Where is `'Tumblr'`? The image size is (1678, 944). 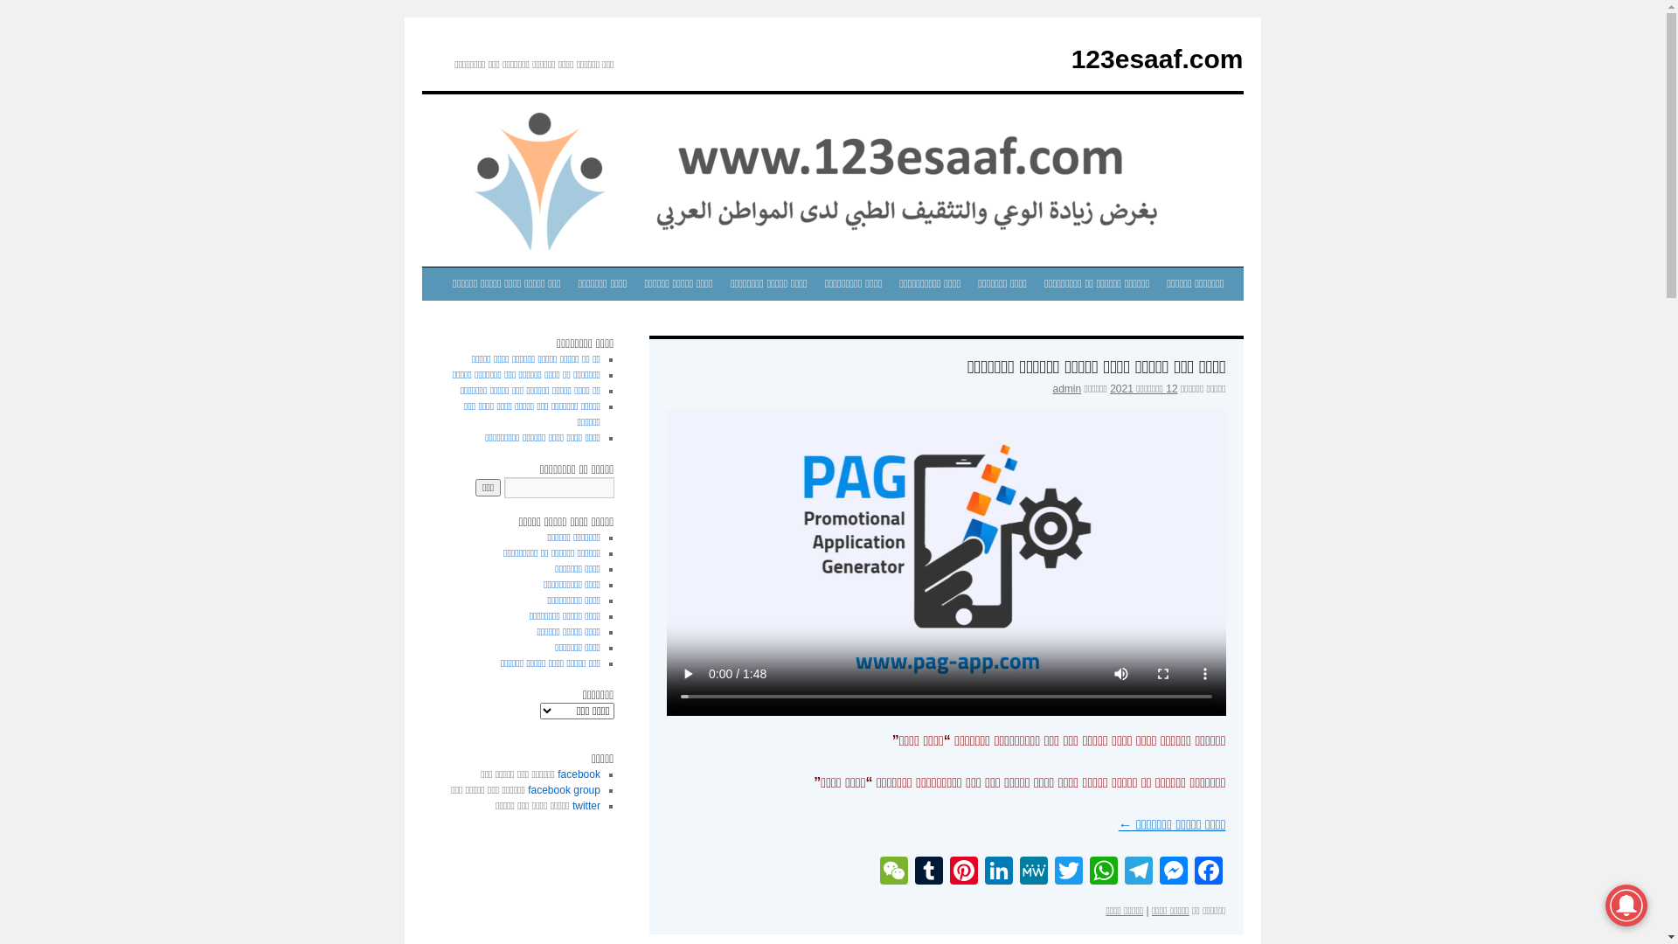 'Tumblr' is located at coordinates (926, 872).